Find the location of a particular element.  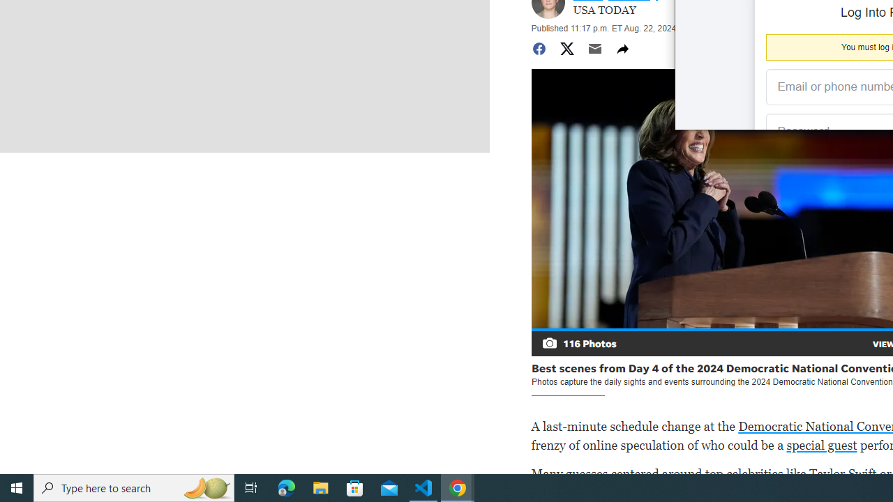

'Share natively' is located at coordinates (622, 47).